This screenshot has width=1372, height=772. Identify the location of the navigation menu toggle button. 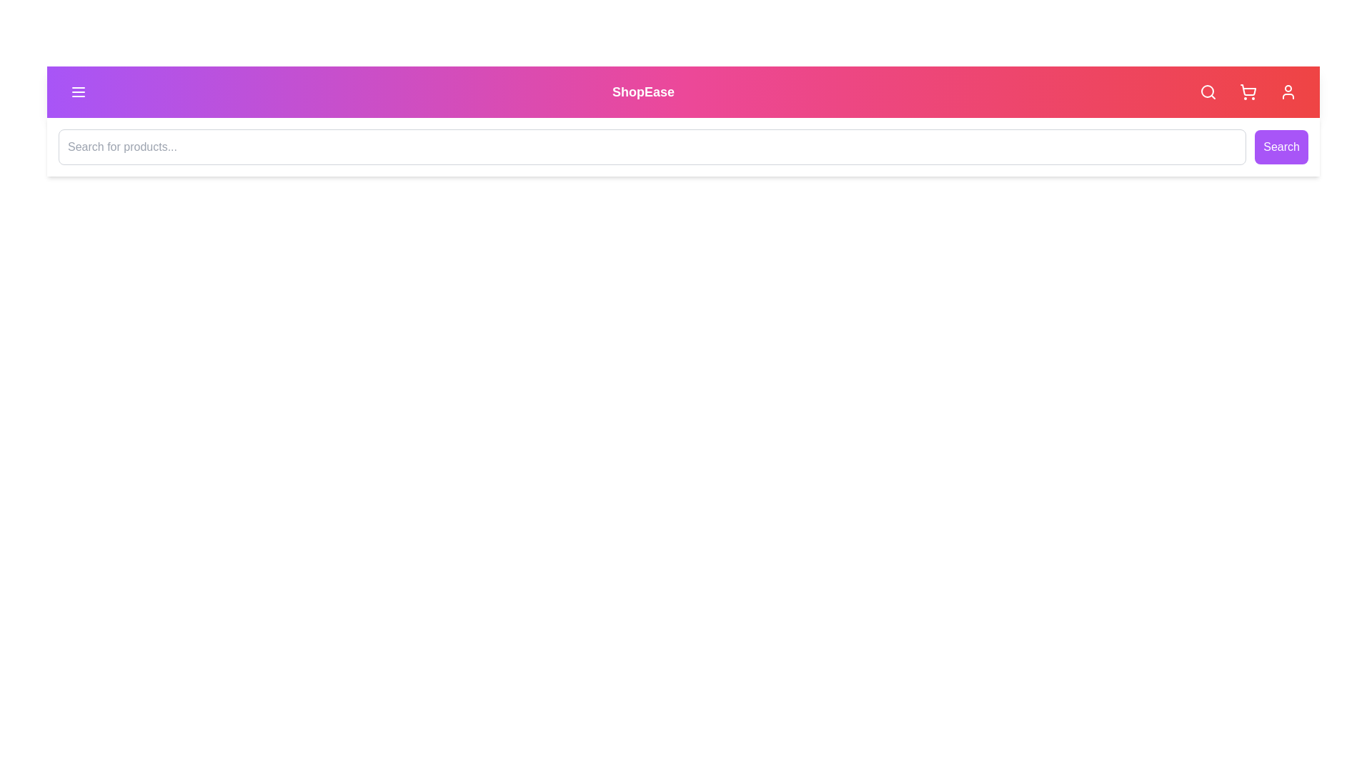
(78, 91).